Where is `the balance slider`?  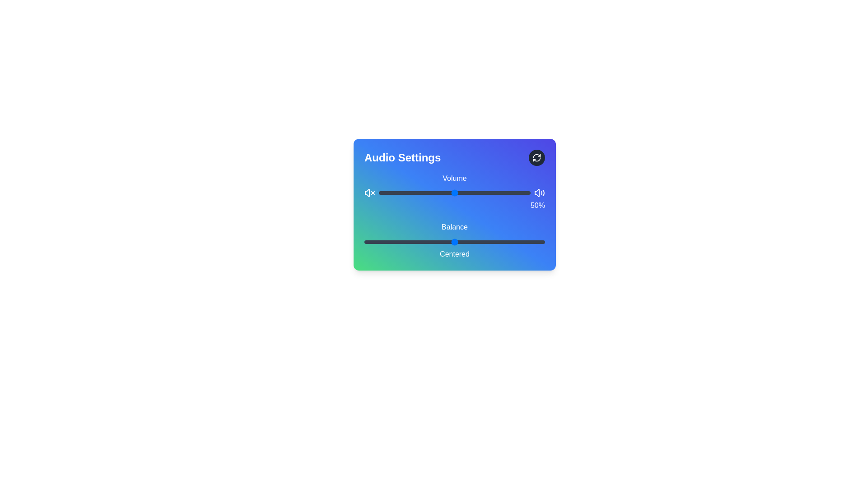
the balance slider is located at coordinates (379, 241).